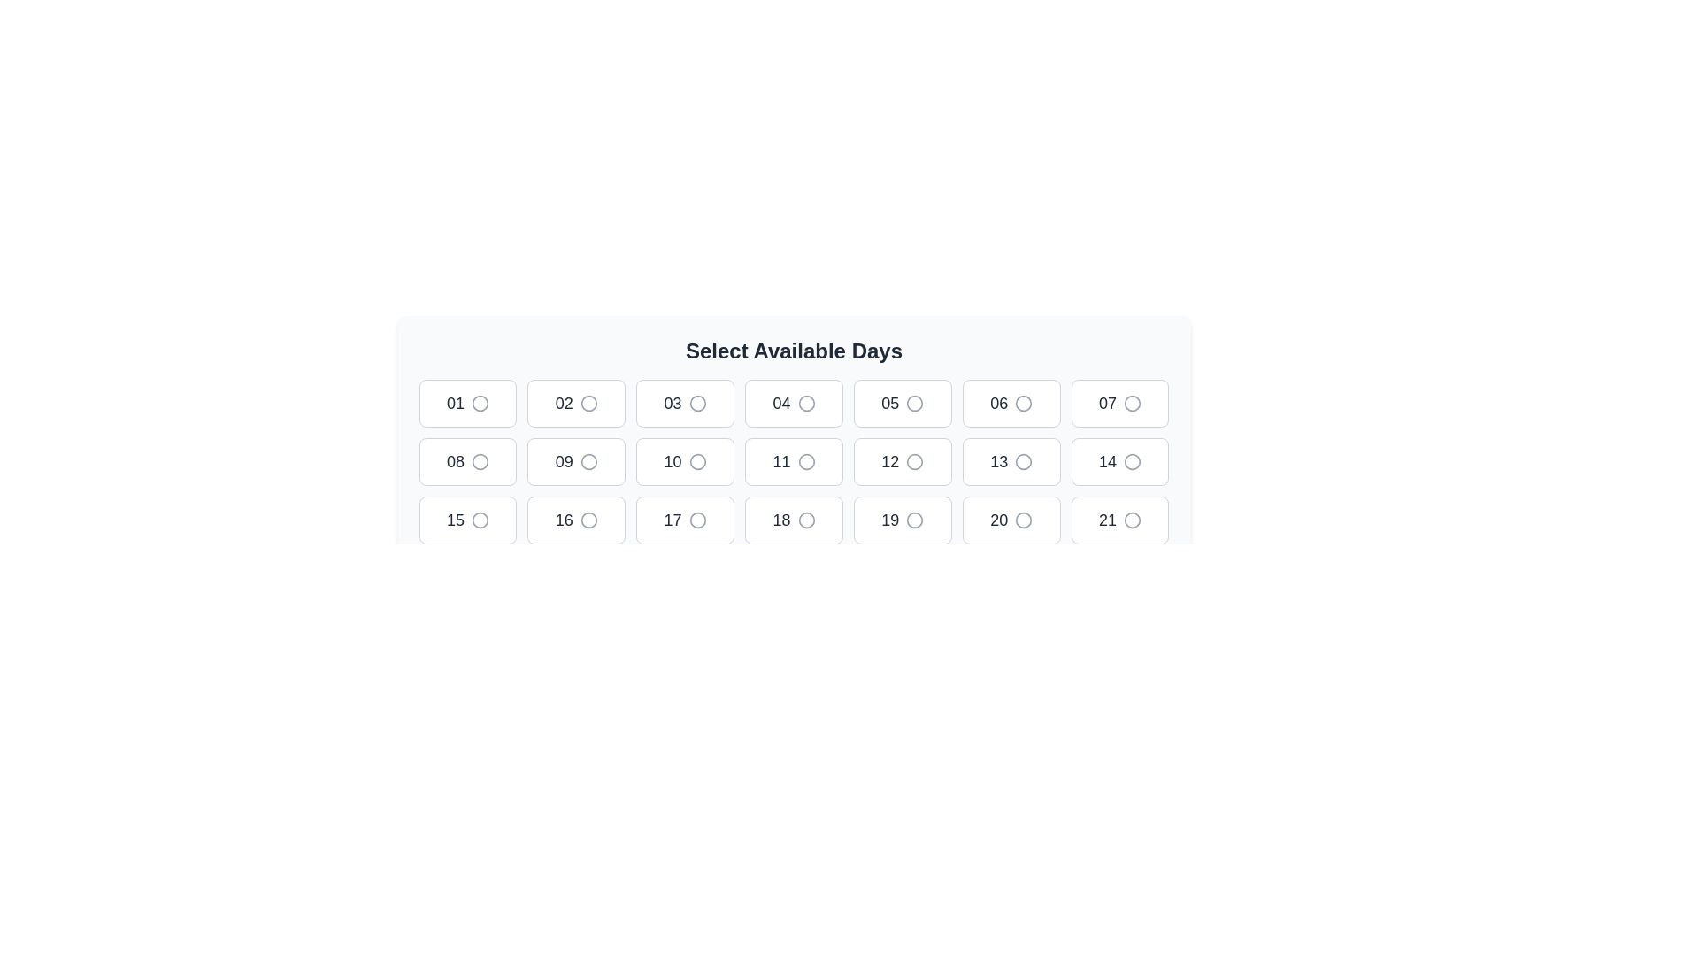  Describe the element at coordinates (1133, 519) in the screenshot. I see `the circular graphical element within the grid layout representing the calendar, specifically highlighted within the box labeled '21'` at that location.